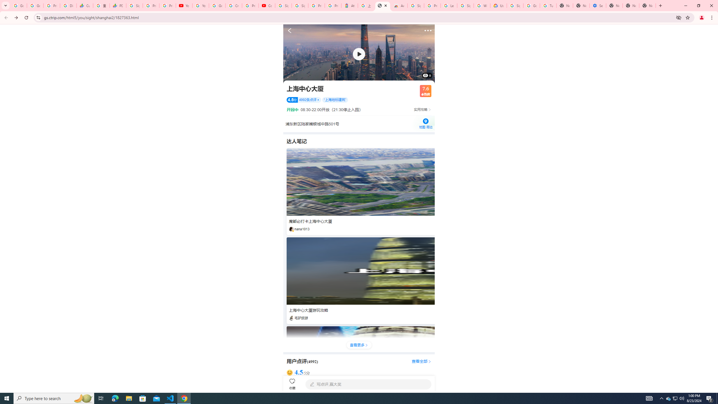 This screenshot has height=404, width=718. What do you see at coordinates (481, 5) in the screenshot?
I see `'Who are Google'` at bounding box center [481, 5].